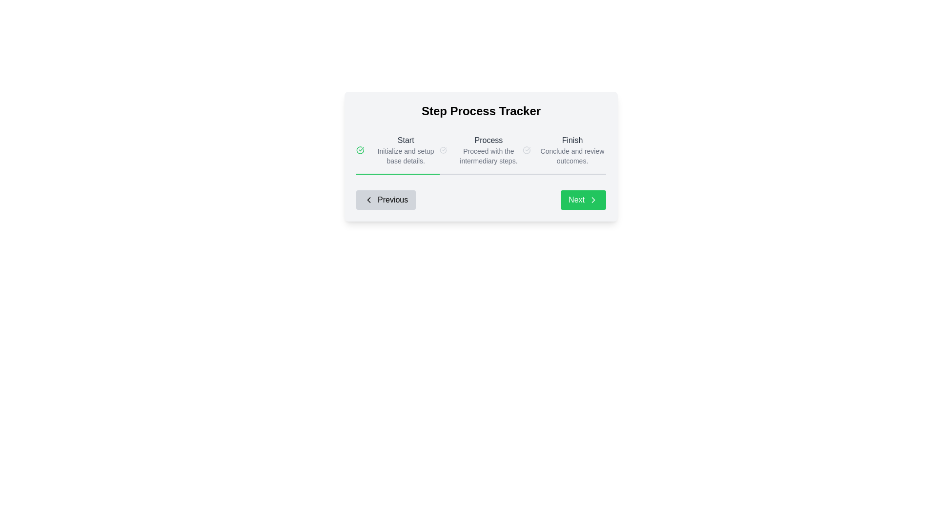  Describe the element at coordinates (406, 156) in the screenshot. I see `informational text label located directly below the 'Start' title in the 'Step Process Tracker' component, which provides a description of the 'Start' step` at that location.